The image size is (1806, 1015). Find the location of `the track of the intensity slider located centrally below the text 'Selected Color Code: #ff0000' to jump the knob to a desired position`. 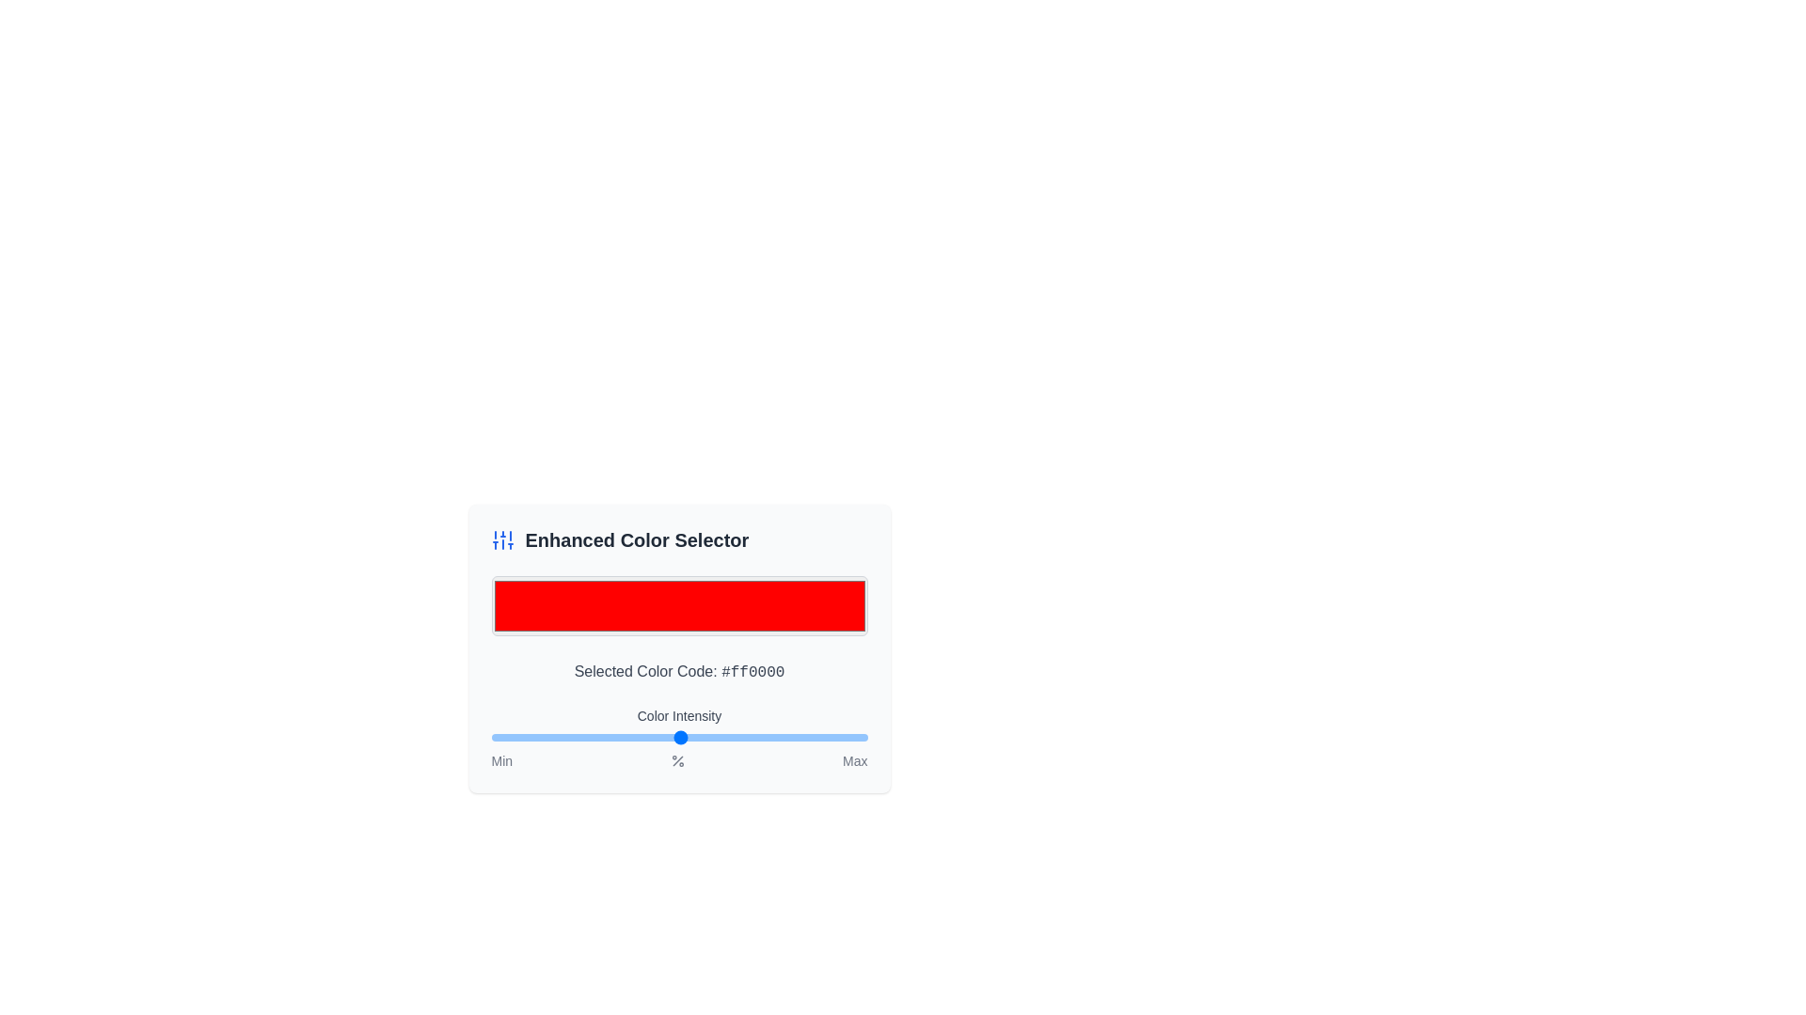

the track of the intensity slider located centrally below the text 'Selected Color Code: #ff0000' to jump the knob to a desired position is located at coordinates (678, 738).